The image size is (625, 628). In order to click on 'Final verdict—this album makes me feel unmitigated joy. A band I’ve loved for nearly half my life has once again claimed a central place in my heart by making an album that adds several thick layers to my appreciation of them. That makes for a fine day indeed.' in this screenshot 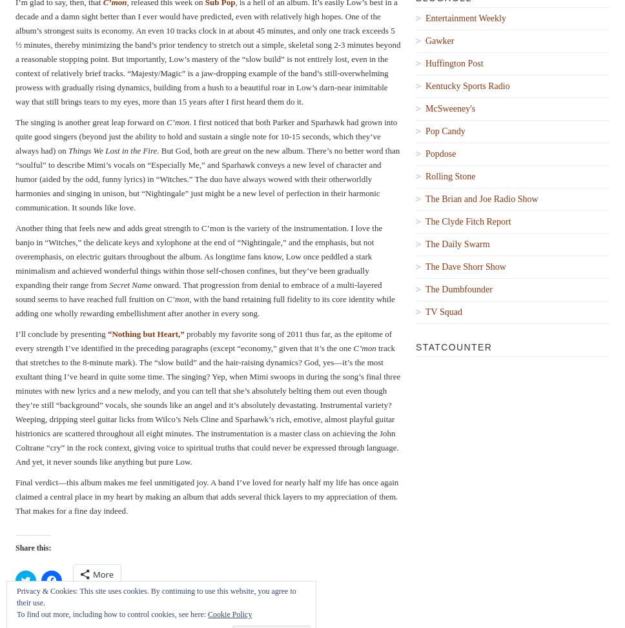, I will do `click(206, 495)`.